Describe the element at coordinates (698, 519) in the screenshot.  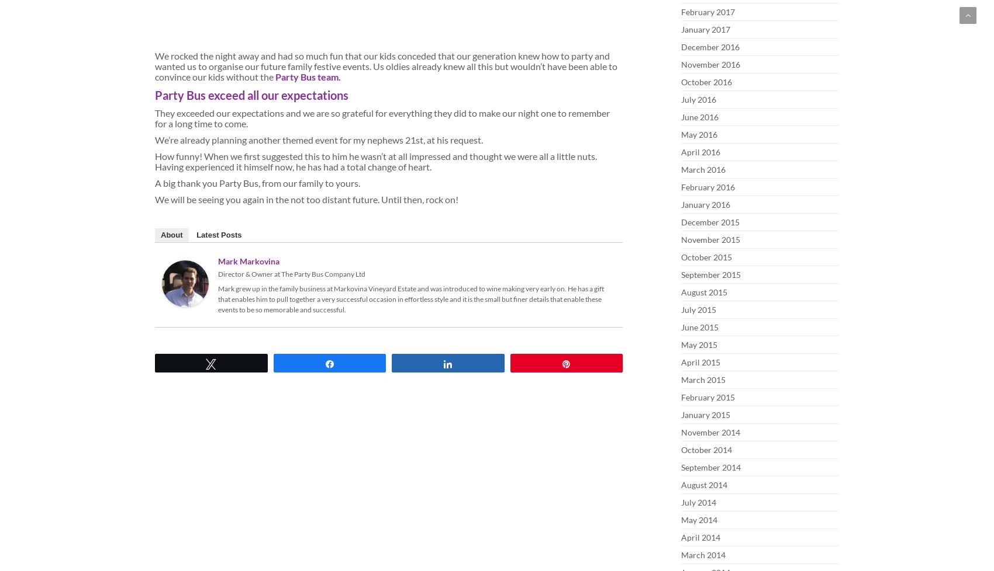
I see `'May 2014'` at that location.